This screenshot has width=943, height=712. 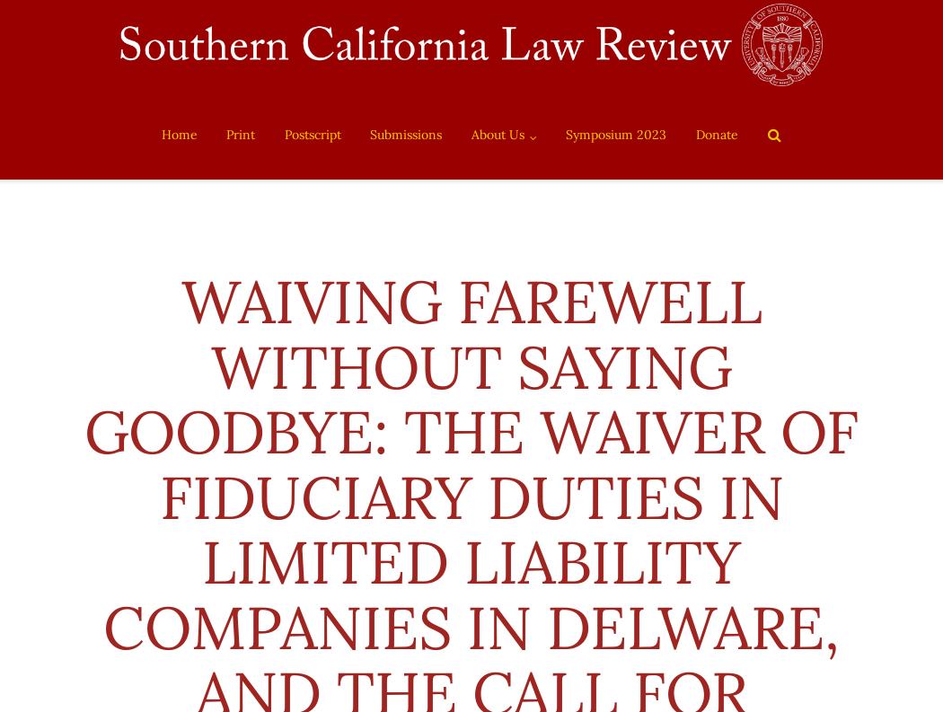 What do you see at coordinates (161, 135) in the screenshot?
I see `'Home'` at bounding box center [161, 135].